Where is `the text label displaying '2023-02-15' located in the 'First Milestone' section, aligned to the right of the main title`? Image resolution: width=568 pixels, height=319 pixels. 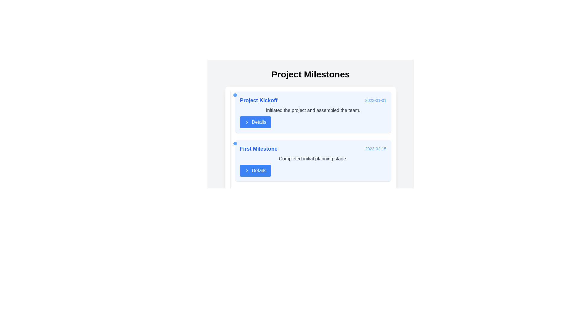
the text label displaying '2023-02-15' located in the 'First Milestone' section, aligned to the right of the main title is located at coordinates (375, 149).